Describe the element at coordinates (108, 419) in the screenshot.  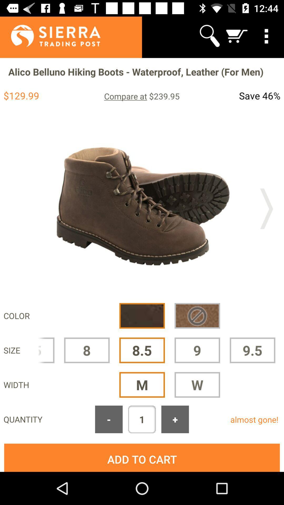
I see `- item` at that location.